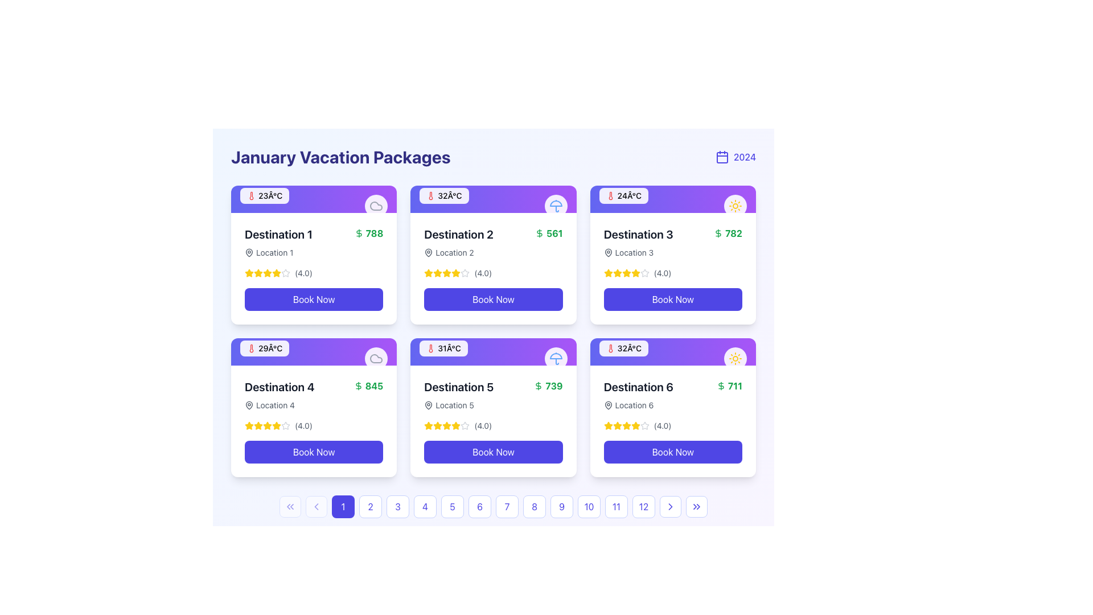 This screenshot has height=615, width=1093. I want to click on price text label located in the second card of the grid layout, positioned under the temperature icon and above the 'Book Now' button, so click(549, 232).